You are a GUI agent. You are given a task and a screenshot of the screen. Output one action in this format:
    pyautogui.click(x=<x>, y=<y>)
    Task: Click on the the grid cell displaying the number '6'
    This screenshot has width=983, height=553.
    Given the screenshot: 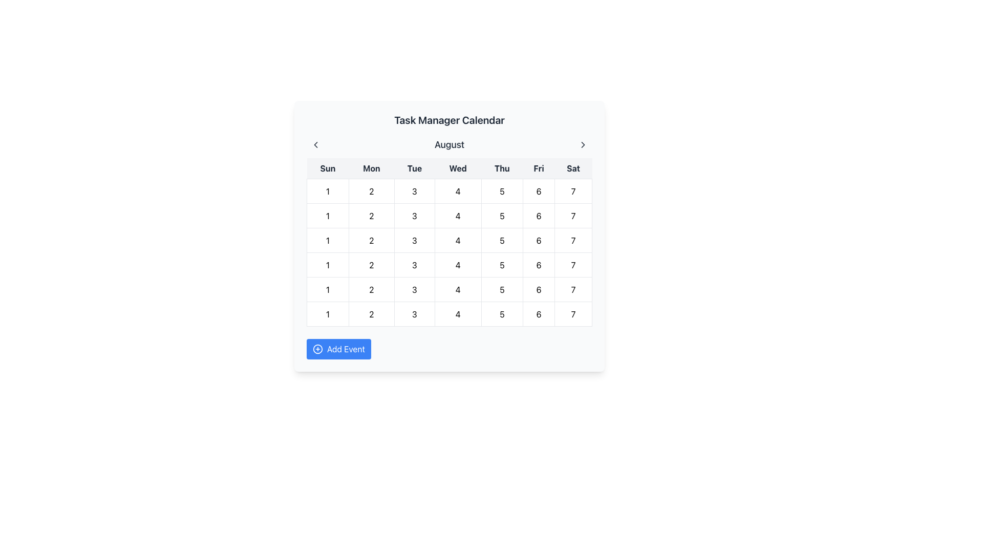 What is the action you would take?
    pyautogui.click(x=538, y=240)
    